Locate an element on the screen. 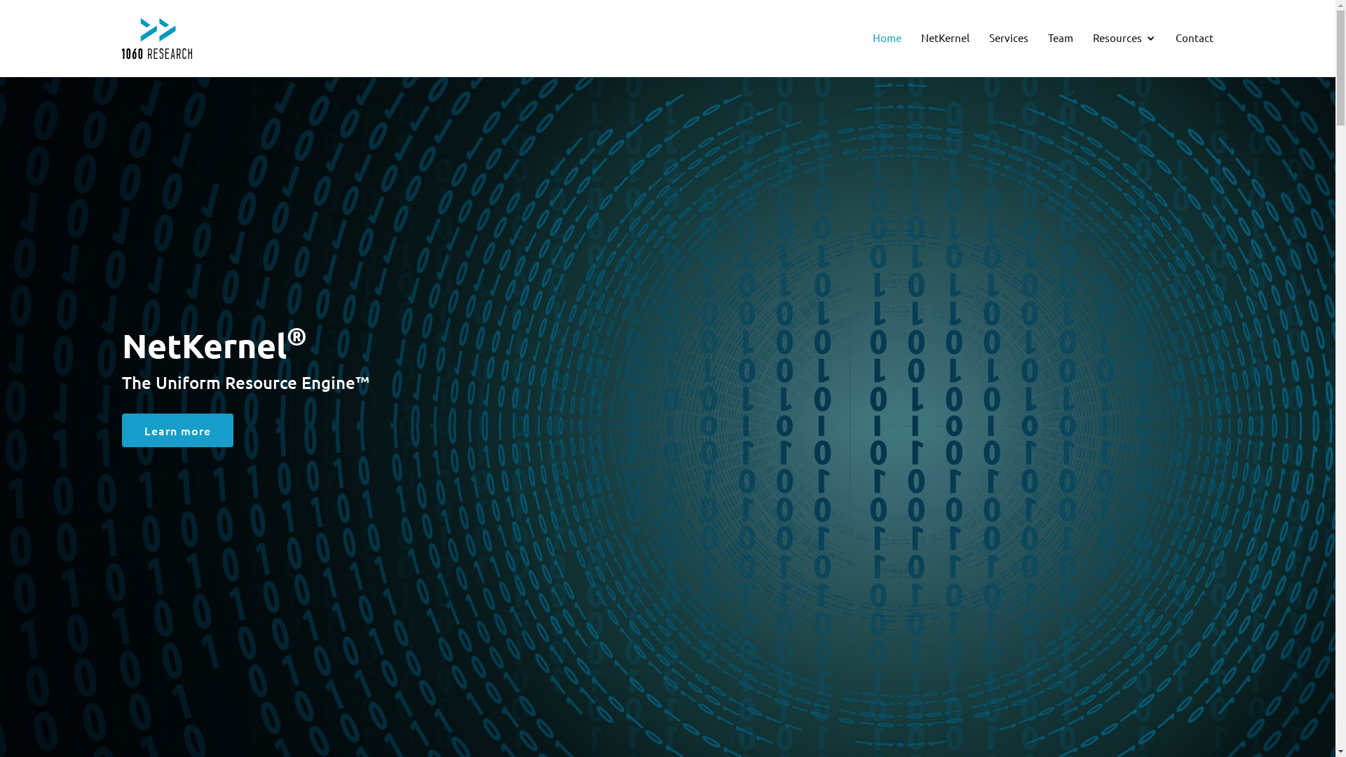 The width and height of the screenshot is (1346, 757). 'Contact' is located at coordinates (1175, 37).